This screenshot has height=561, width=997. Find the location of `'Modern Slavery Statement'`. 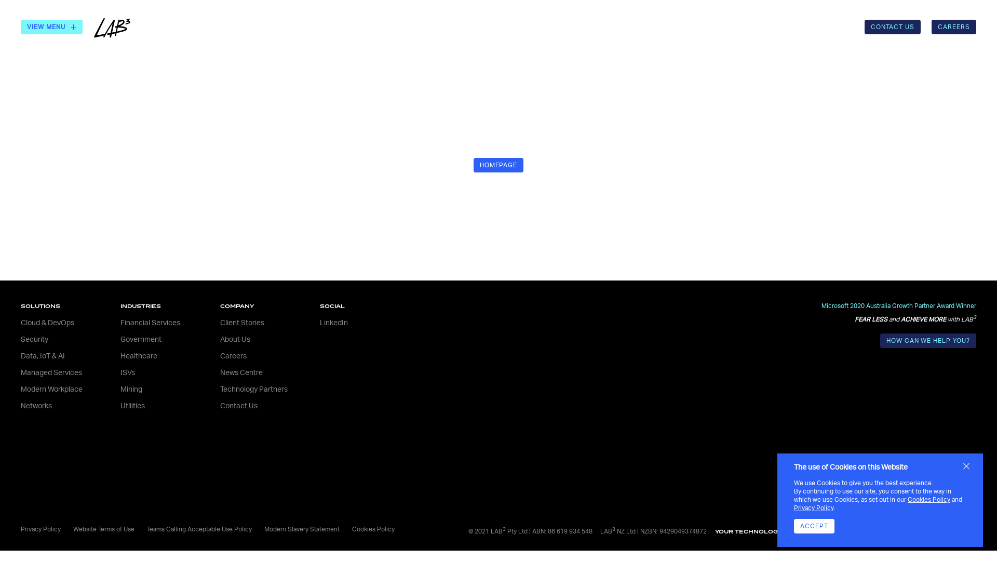

'Modern Slavery Statement' is located at coordinates (301, 529).